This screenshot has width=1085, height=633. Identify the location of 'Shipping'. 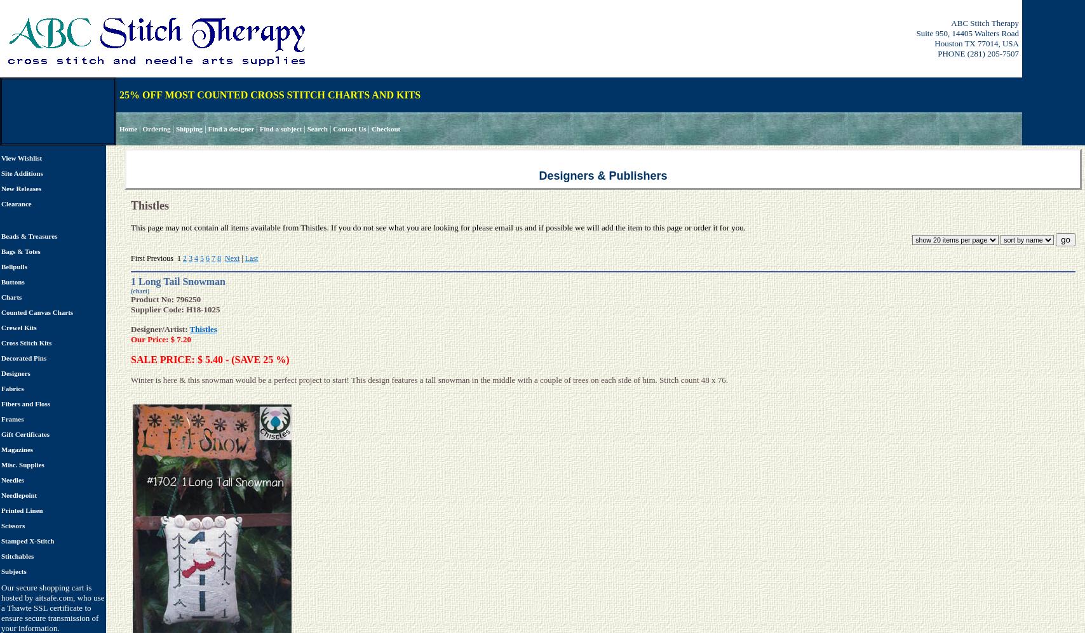
(189, 128).